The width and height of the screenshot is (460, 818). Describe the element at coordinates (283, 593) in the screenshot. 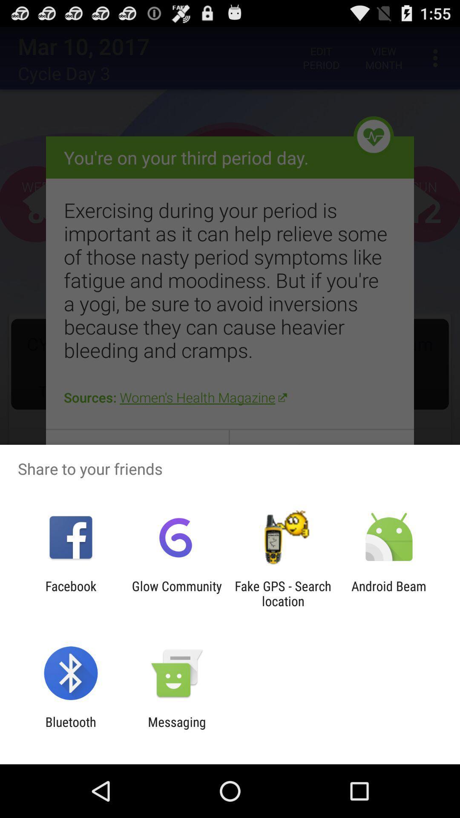

I see `fake gps search` at that location.